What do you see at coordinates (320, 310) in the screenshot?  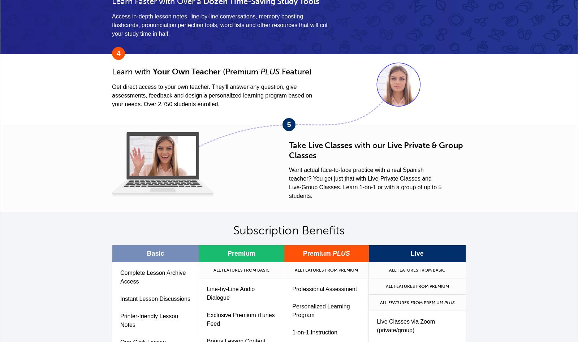 I see `'Personalized Learning Program'` at bounding box center [320, 310].